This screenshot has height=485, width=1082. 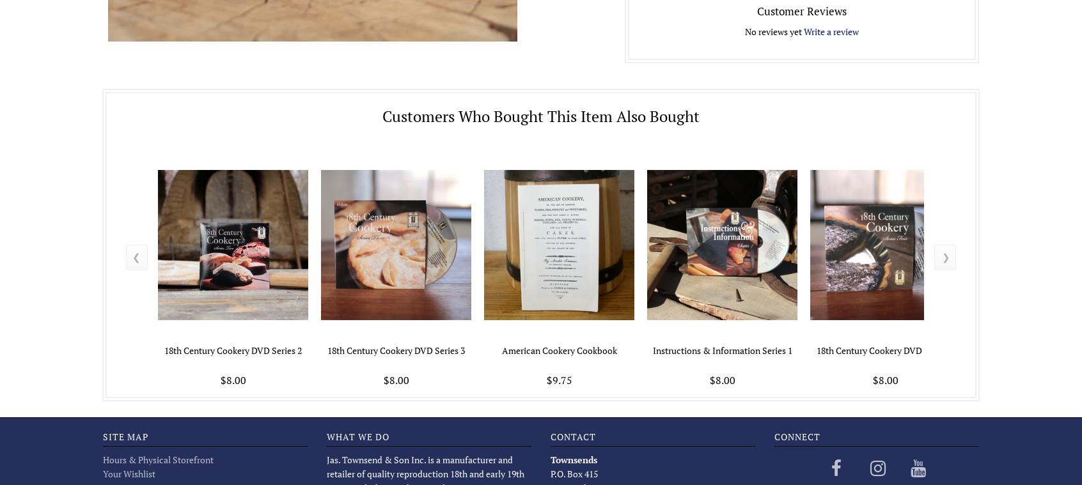 I want to click on 'Hours & Physical Storefront', so click(x=157, y=459).